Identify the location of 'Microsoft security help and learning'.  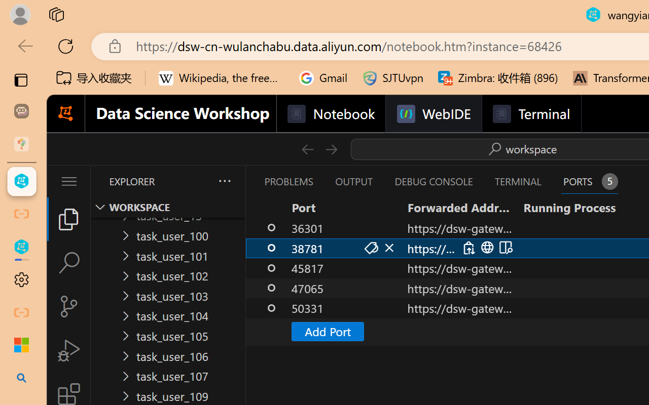
(21, 345).